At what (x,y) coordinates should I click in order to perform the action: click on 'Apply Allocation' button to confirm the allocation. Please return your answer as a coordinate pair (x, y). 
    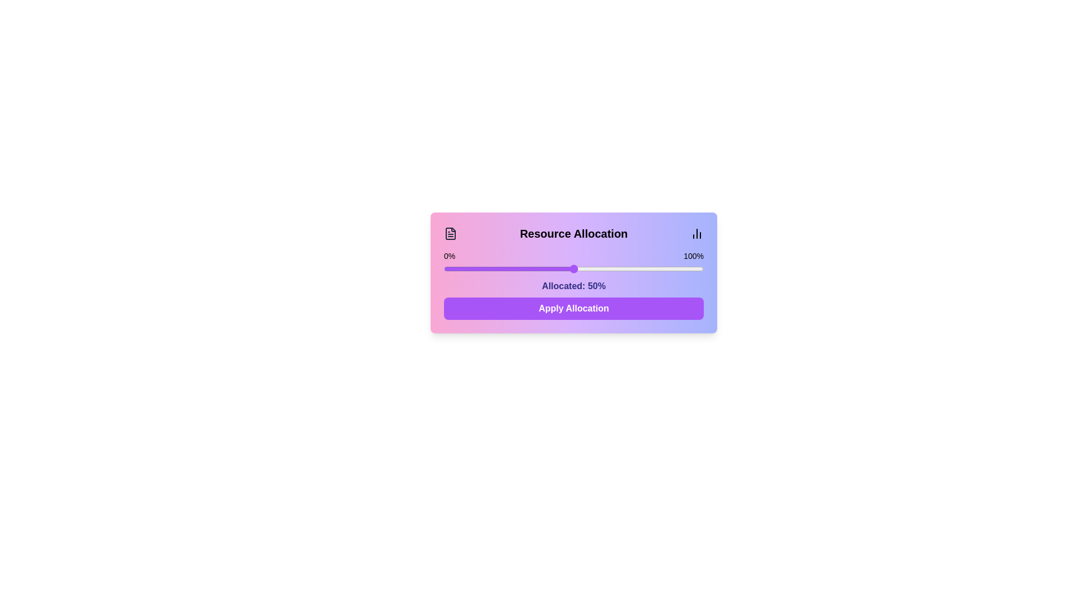
    Looking at the image, I should click on (574, 308).